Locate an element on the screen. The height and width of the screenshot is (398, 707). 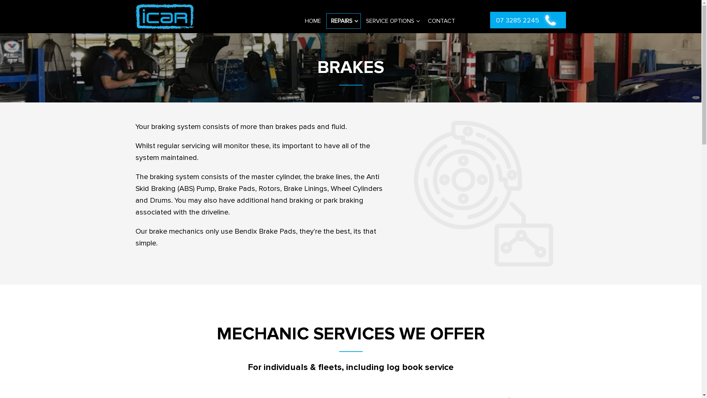
'HOME' is located at coordinates (313, 21).